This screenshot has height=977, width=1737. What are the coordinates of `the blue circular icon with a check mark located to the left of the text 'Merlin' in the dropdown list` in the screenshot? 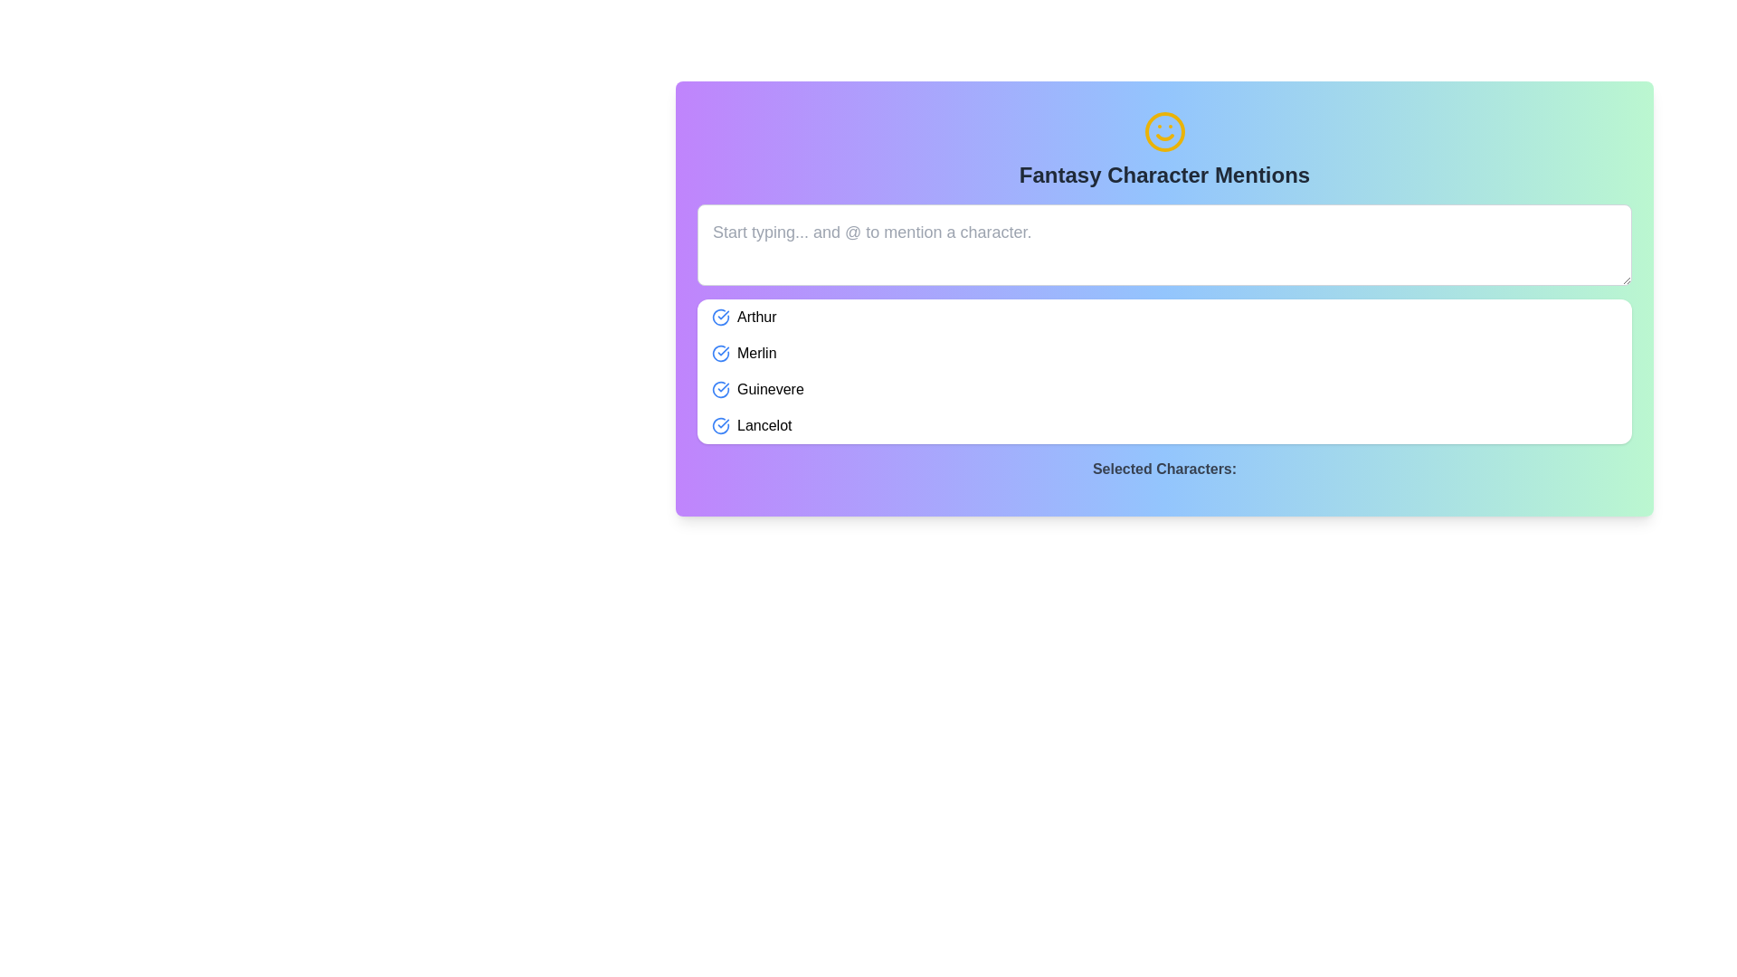 It's located at (719, 353).